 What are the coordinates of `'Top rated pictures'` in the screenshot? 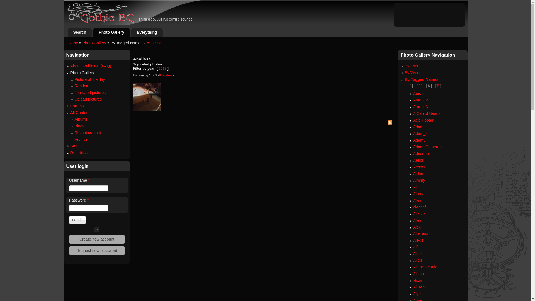 It's located at (90, 92).